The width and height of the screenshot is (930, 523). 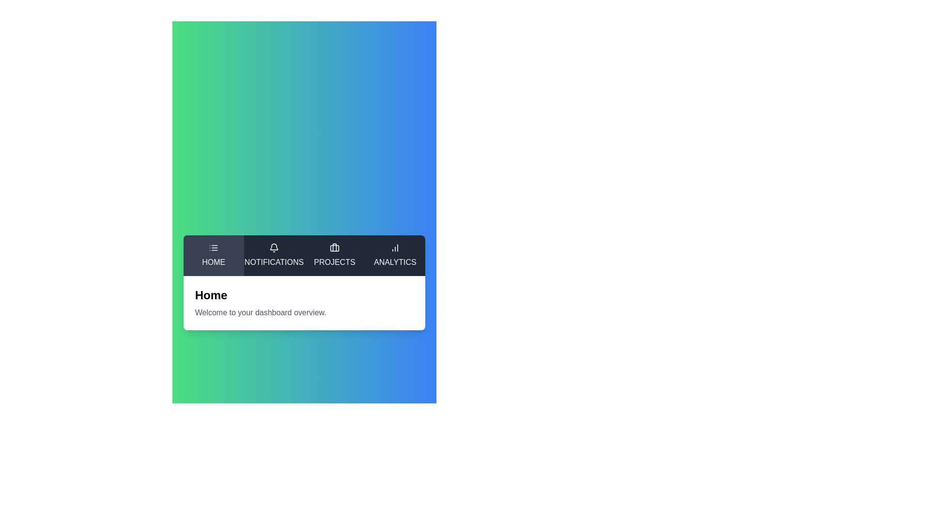 What do you see at coordinates (274, 255) in the screenshot?
I see `the tab labeled Notifications to switch to it` at bounding box center [274, 255].